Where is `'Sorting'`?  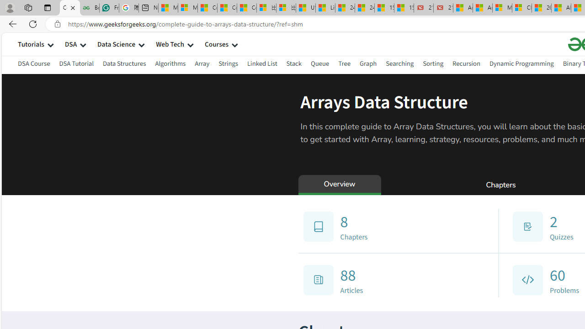 'Sorting' is located at coordinates (432, 63).